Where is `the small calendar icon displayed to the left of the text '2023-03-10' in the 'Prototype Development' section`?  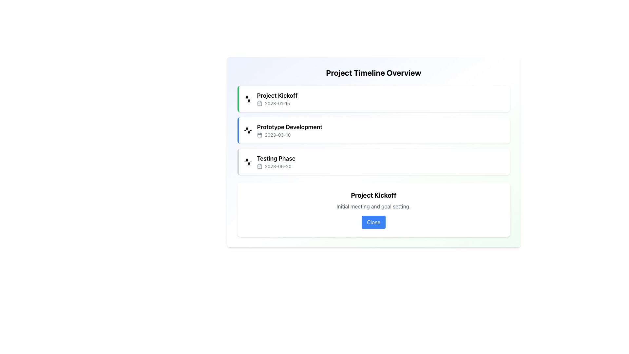 the small calendar icon displayed to the left of the text '2023-03-10' in the 'Prototype Development' section is located at coordinates (259, 135).